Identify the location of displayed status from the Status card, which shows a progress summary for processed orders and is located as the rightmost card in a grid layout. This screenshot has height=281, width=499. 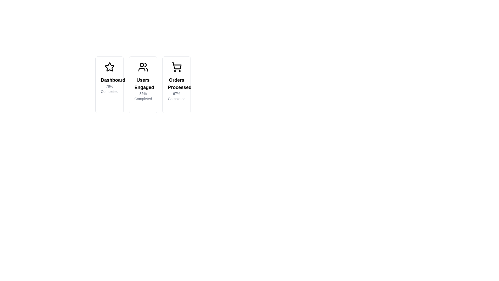
(176, 85).